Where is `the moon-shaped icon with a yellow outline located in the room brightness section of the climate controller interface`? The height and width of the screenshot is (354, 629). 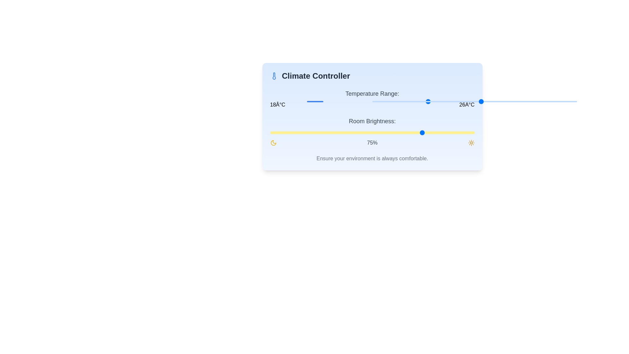 the moon-shaped icon with a yellow outline located in the room brightness section of the climate controller interface is located at coordinates (273, 142).